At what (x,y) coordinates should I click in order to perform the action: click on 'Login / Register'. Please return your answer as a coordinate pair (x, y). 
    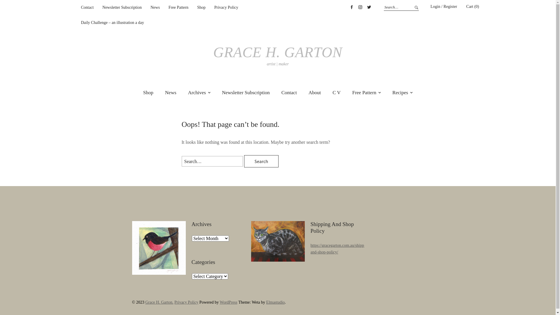
    Looking at the image, I should click on (443, 7).